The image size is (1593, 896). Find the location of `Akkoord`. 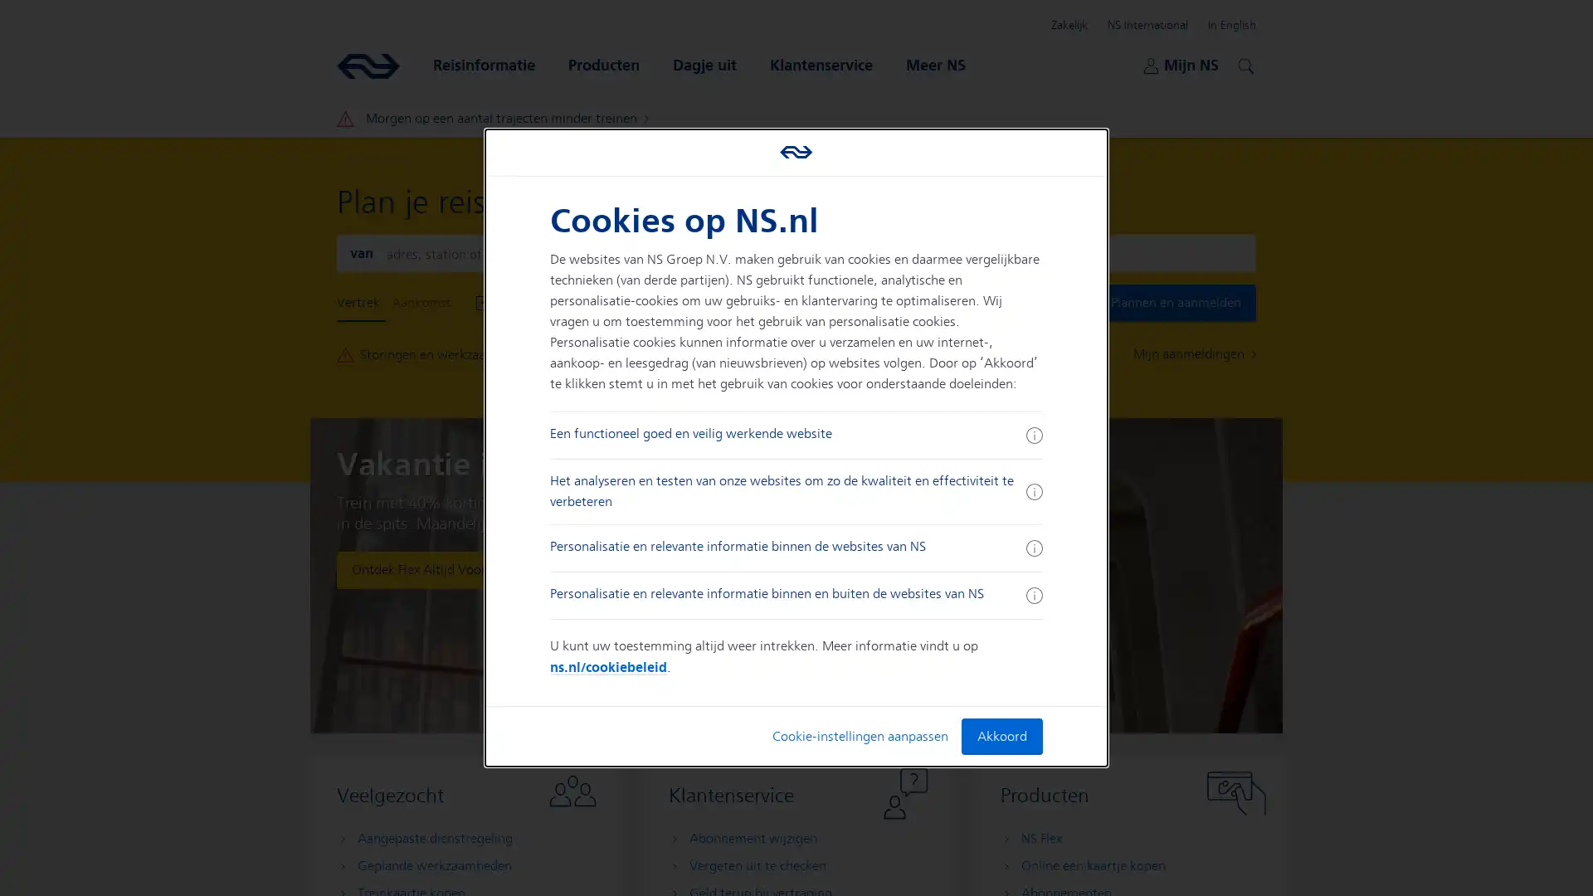

Akkoord is located at coordinates (1000, 735).